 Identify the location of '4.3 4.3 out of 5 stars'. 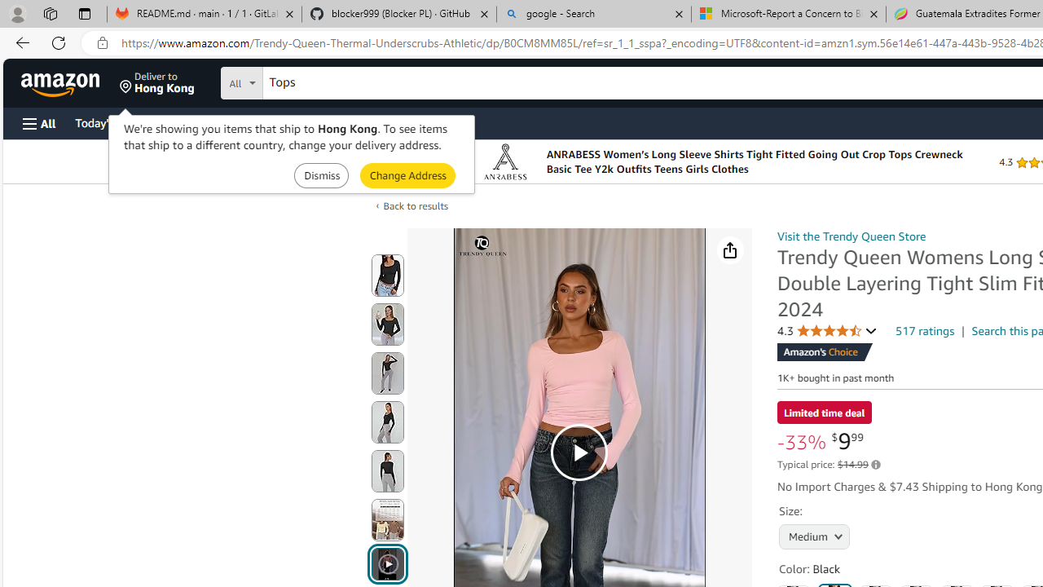
(827, 330).